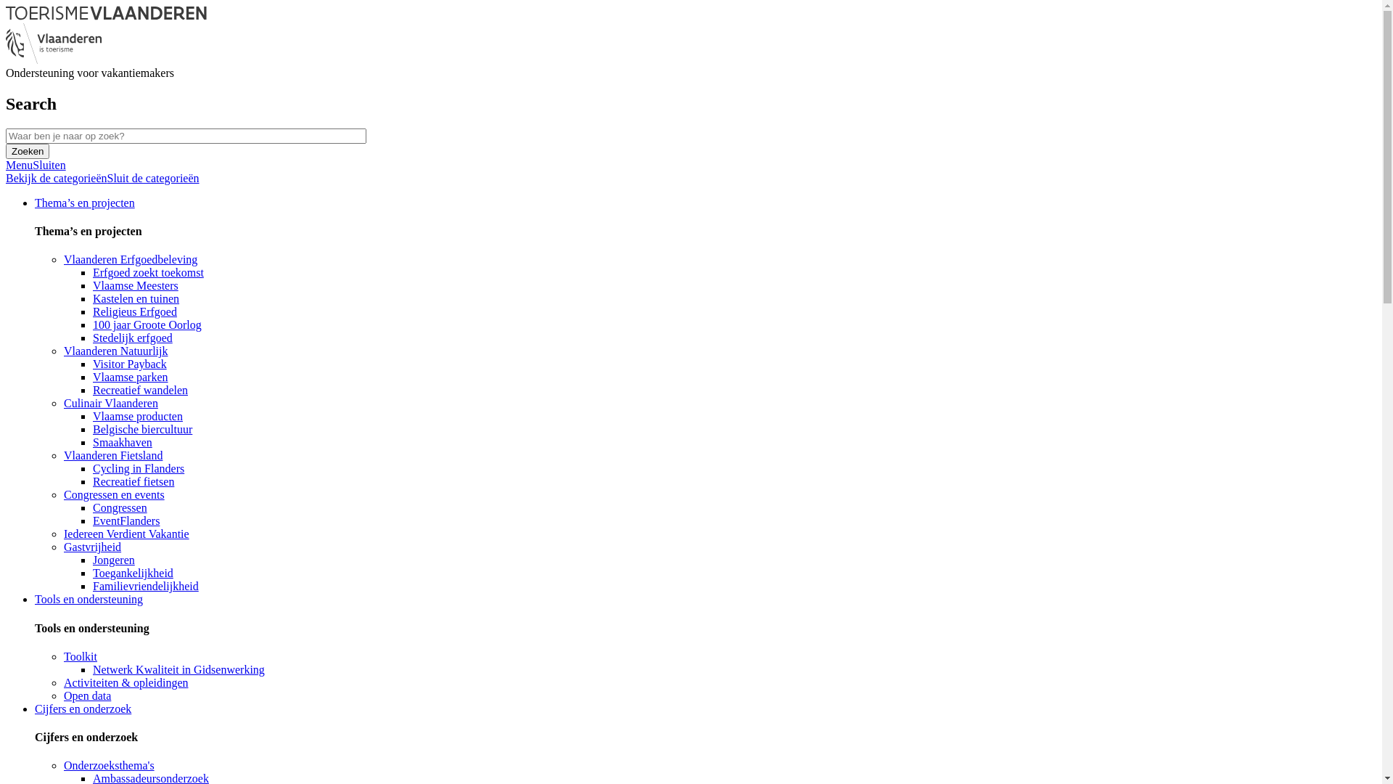 This screenshot has width=1393, height=784. I want to click on 'Vlaanderen Fietsland', so click(62, 454).